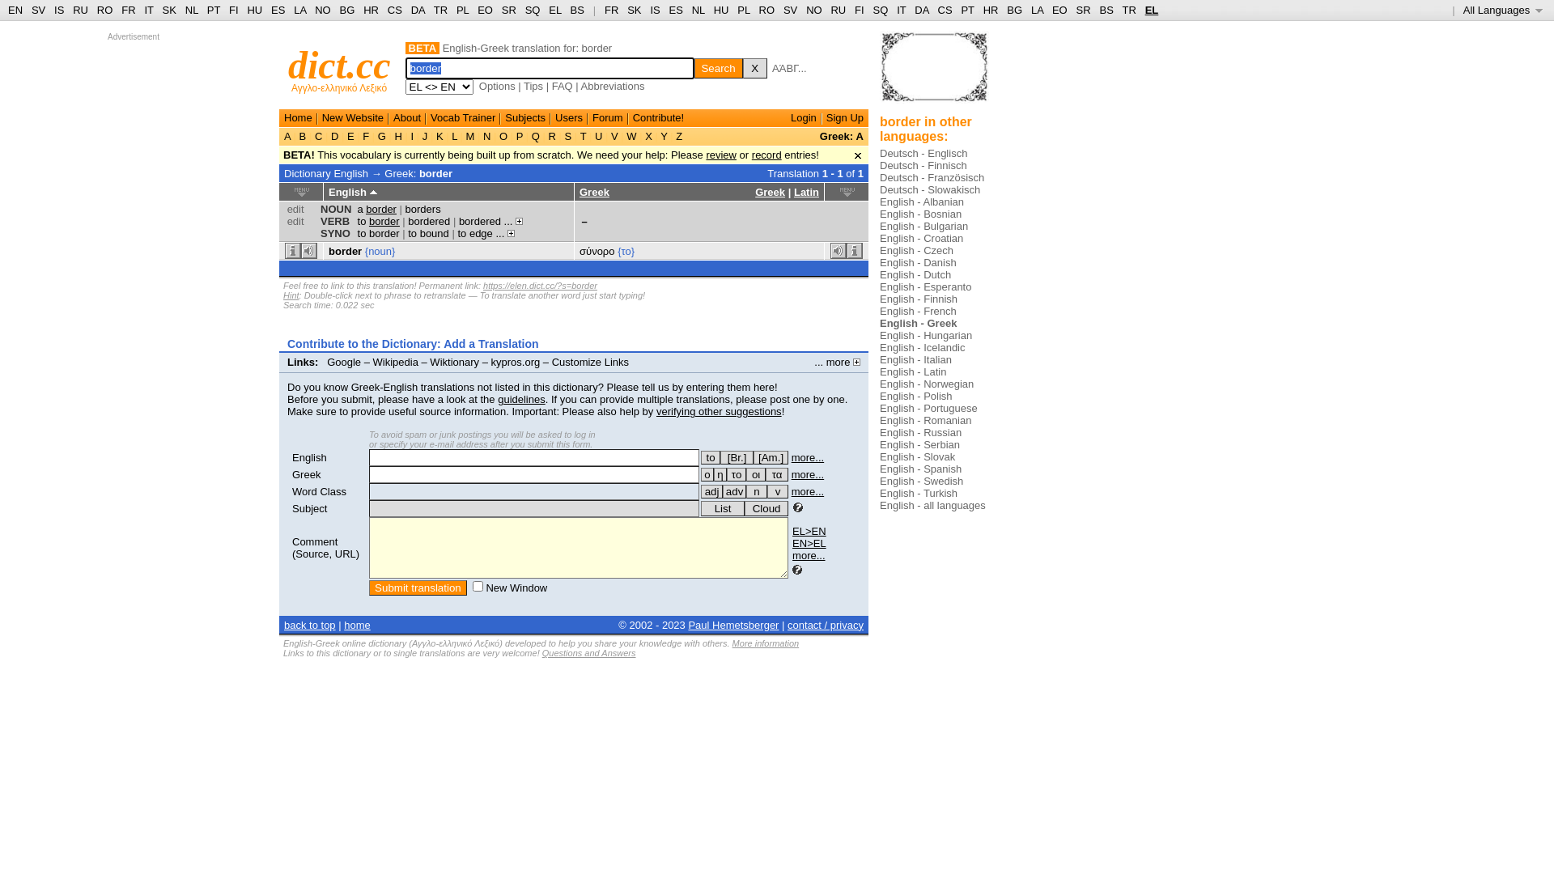  What do you see at coordinates (720, 10) in the screenshot?
I see `'HU'` at bounding box center [720, 10].